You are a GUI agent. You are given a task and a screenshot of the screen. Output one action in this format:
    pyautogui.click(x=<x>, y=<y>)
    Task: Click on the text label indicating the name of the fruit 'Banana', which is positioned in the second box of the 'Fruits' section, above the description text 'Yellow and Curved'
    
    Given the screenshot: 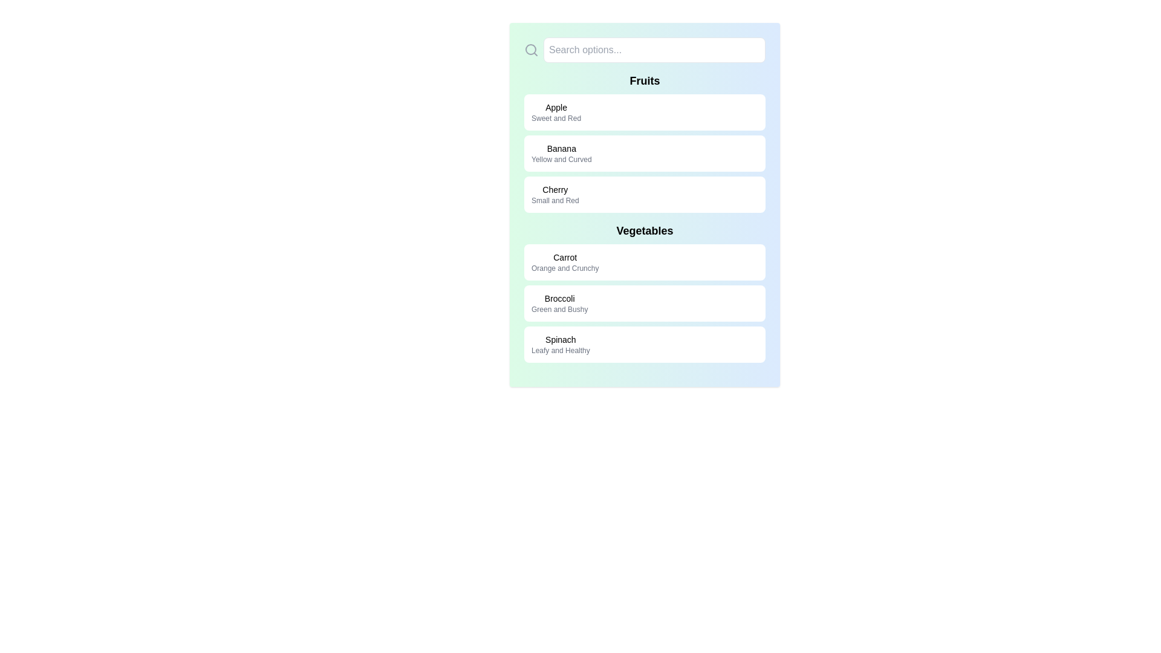 What is the action you would take?
    pyautogui.click(x=561, y=148)
    